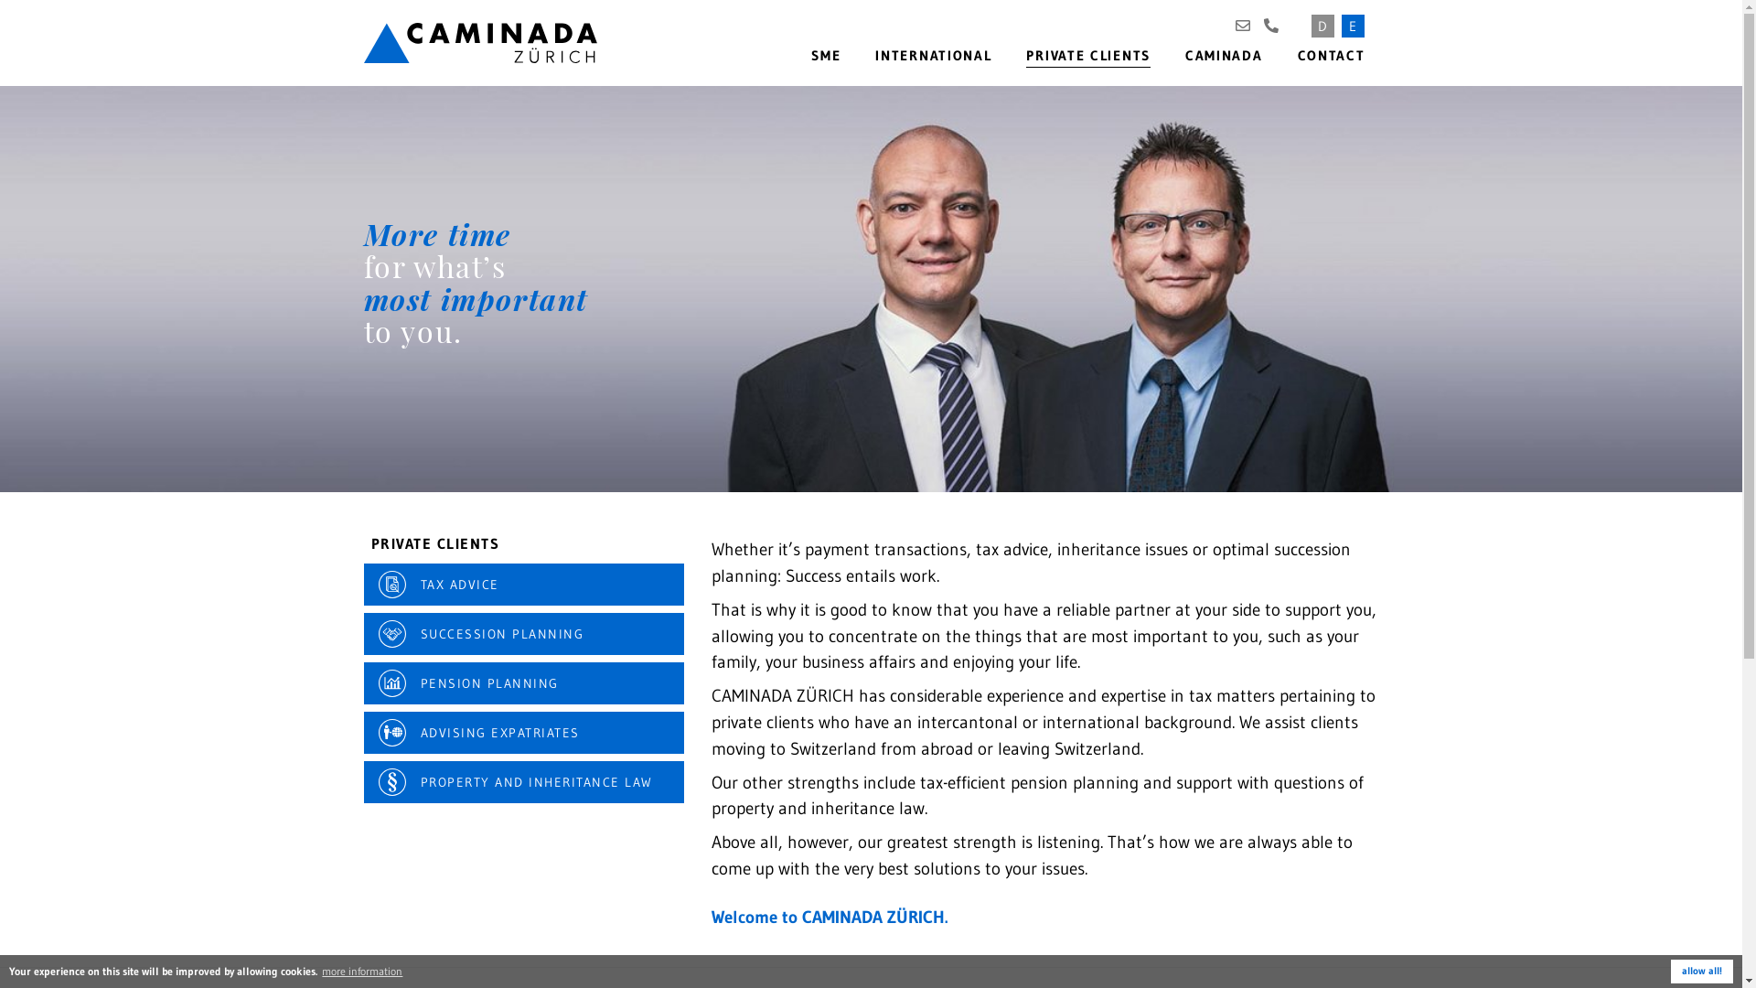  Describe the element at coordinates (1331, 55) in the screenshot. I see `'CONTACT'` at that location.